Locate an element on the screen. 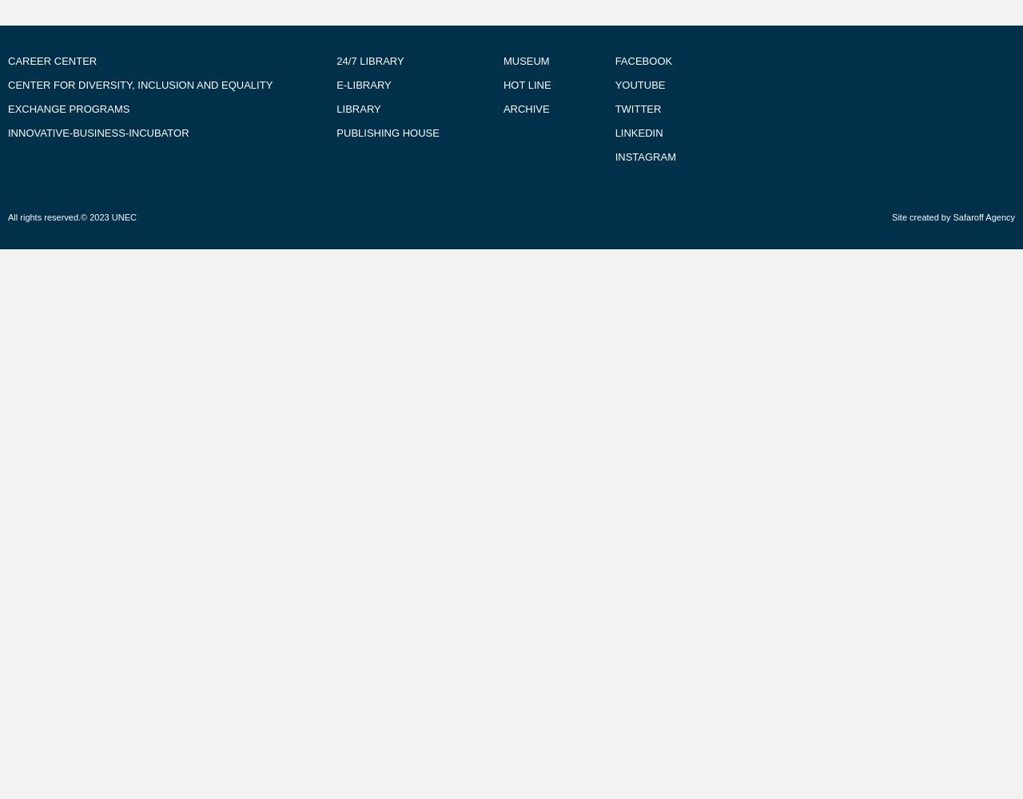  'PUBLISHING HOUSE' is located at coordinates (387, 133).